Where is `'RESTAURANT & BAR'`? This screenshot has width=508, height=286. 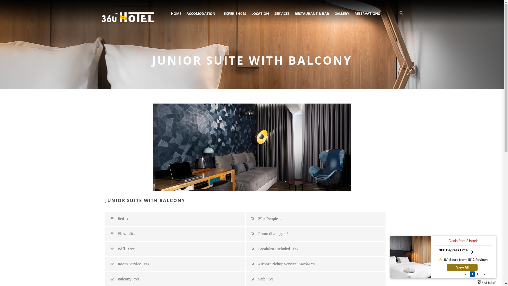
'RESTAURANT & BAR' is located at coordinates (312, 16).